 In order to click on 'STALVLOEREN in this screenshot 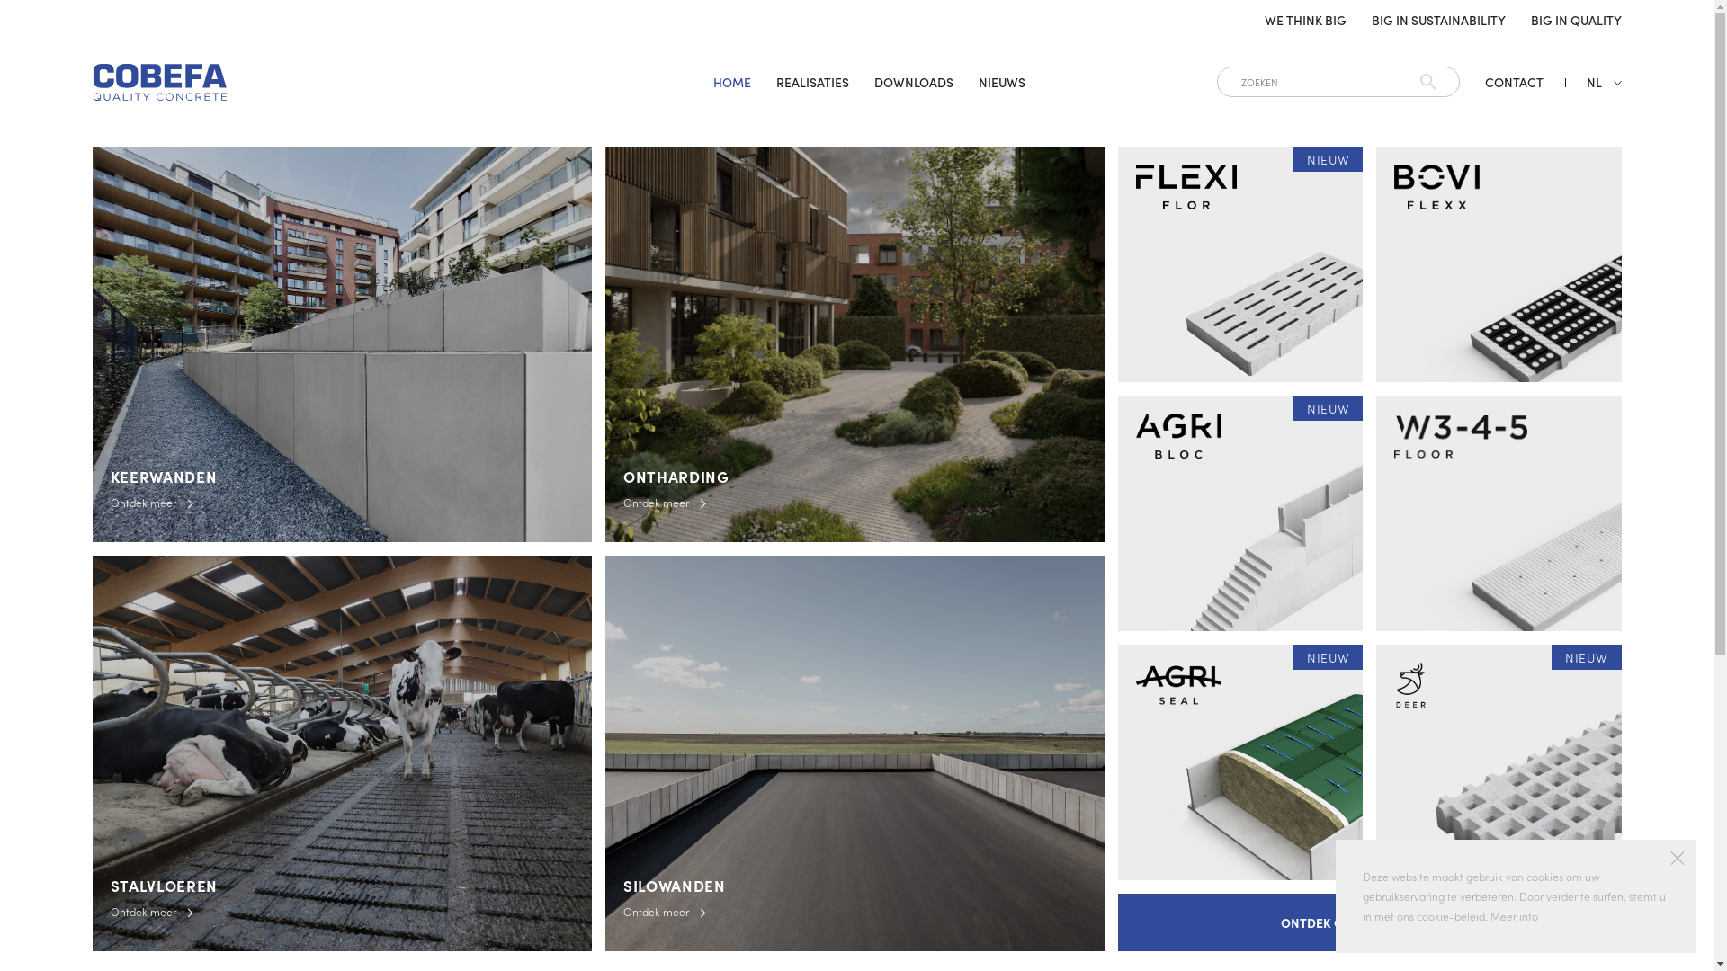, I will do `click(341, 753)`.